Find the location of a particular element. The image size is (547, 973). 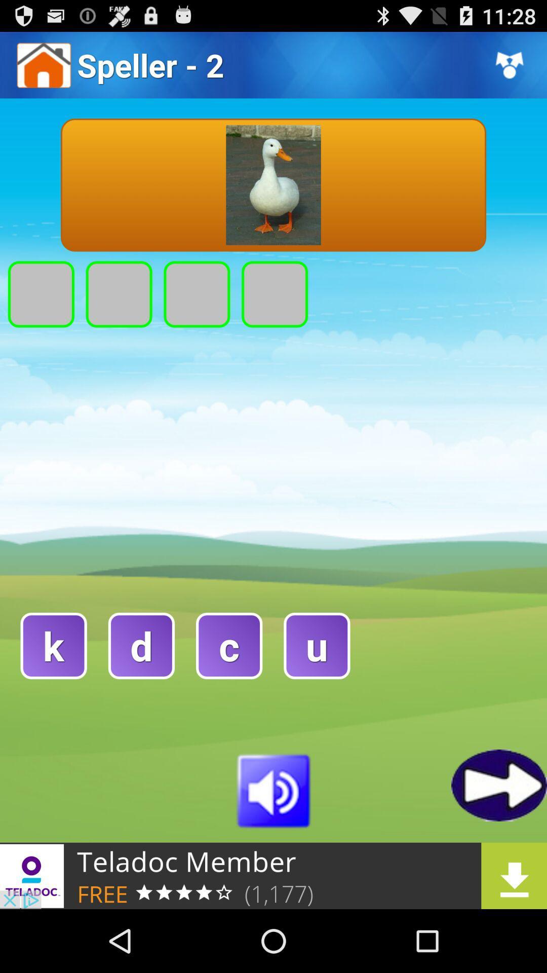

the arrow_forward icon is located at coordinates (498, 840).